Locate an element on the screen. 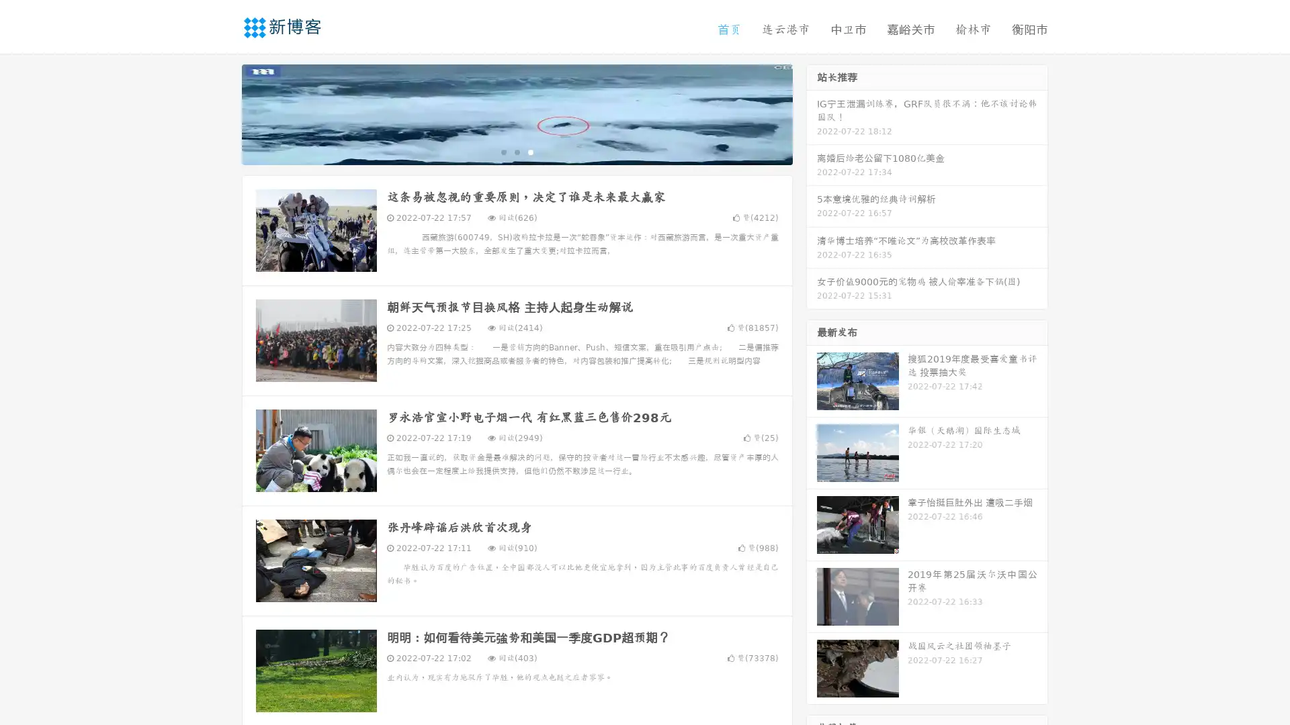 This screenshot has height=725, width=1290. Go to slide 1 is located at coordinates (503, 151).